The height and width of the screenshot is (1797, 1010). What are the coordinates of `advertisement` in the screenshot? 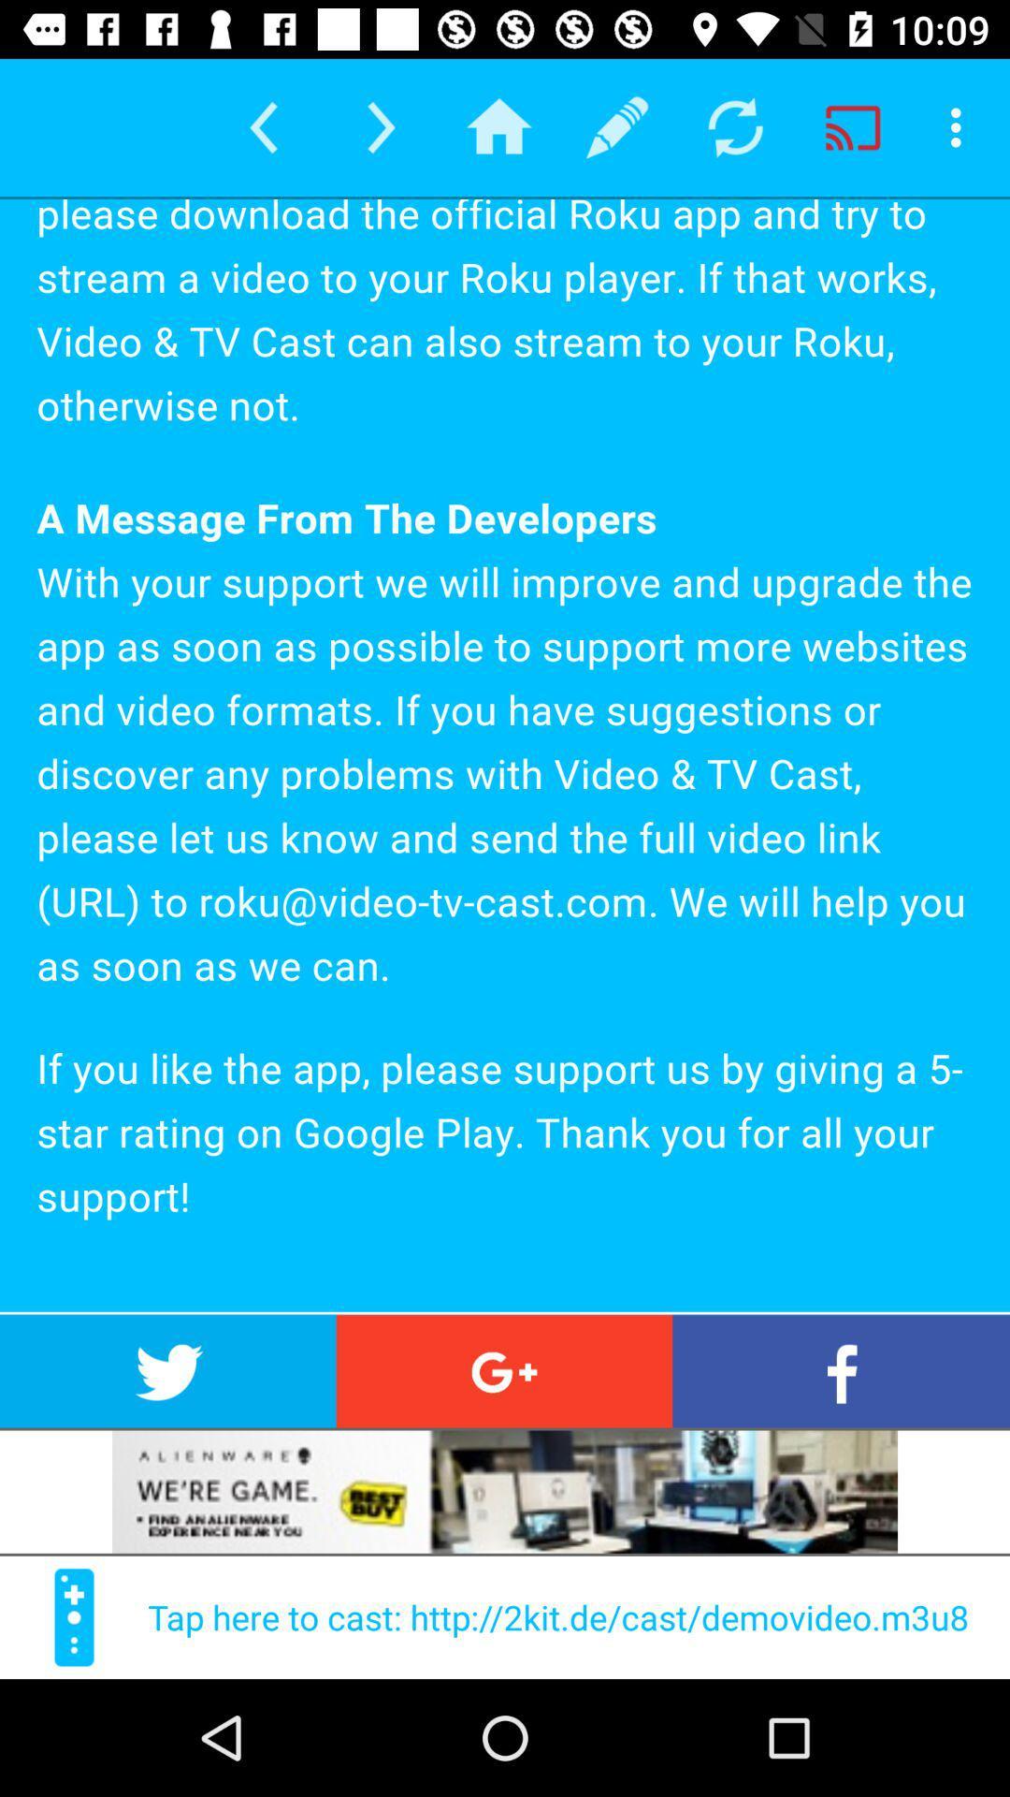 It's located at (505, 1491).